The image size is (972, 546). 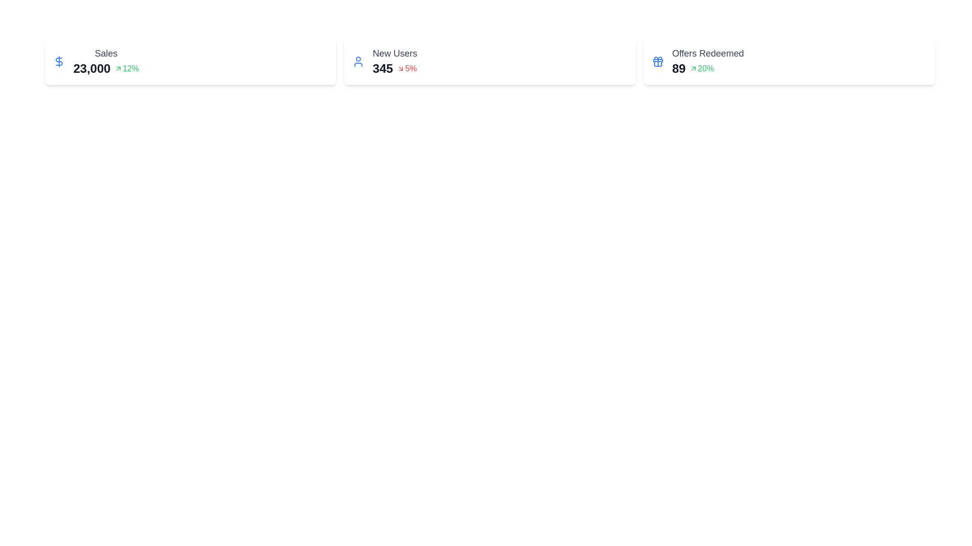 What do you see at coordinates (382, 68) in the screenshot?
I see `numerical value displayed in the 'New Users' section, which indicates the count of new users, located to the right of the heading 'New Users' and above the percentage text '5%` at bounding box center [382, 68].